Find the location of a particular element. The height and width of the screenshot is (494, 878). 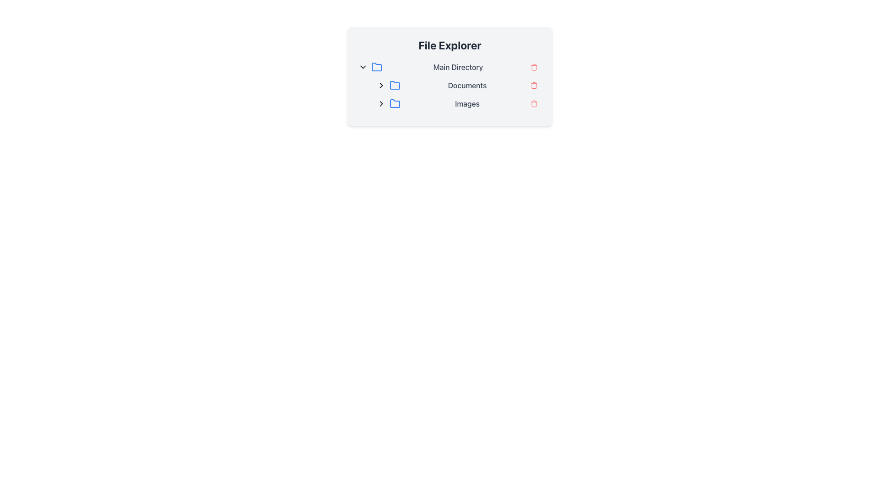

the trash icon located to the far right of the 'Images' row in the 'File Explorer' interface is located at coordinates (534, 103).